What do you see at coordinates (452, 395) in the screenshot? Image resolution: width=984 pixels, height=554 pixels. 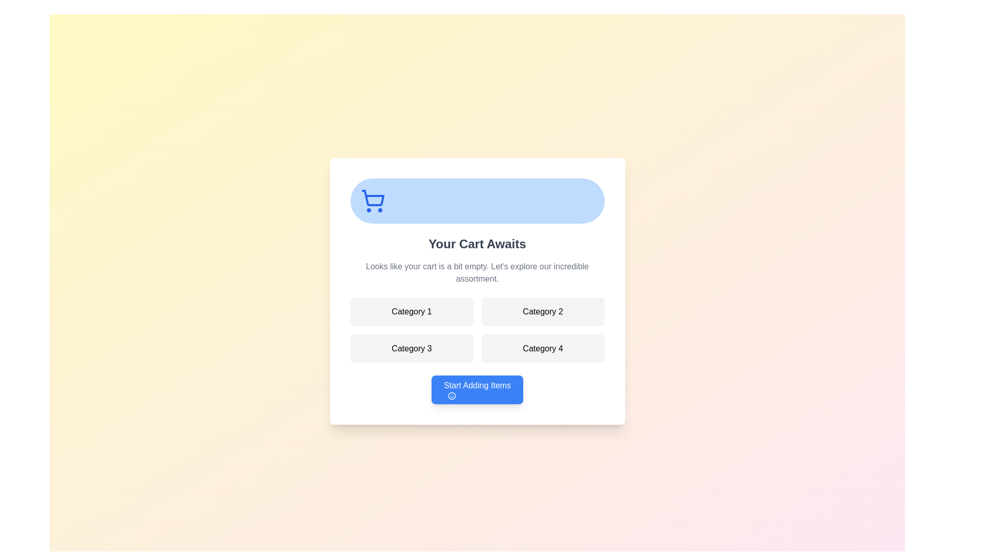 I see `the 'Start Adding Items' button, which contains the decorative icon on its left side, to initiate the item addition process` at bounding box center [452, 395].